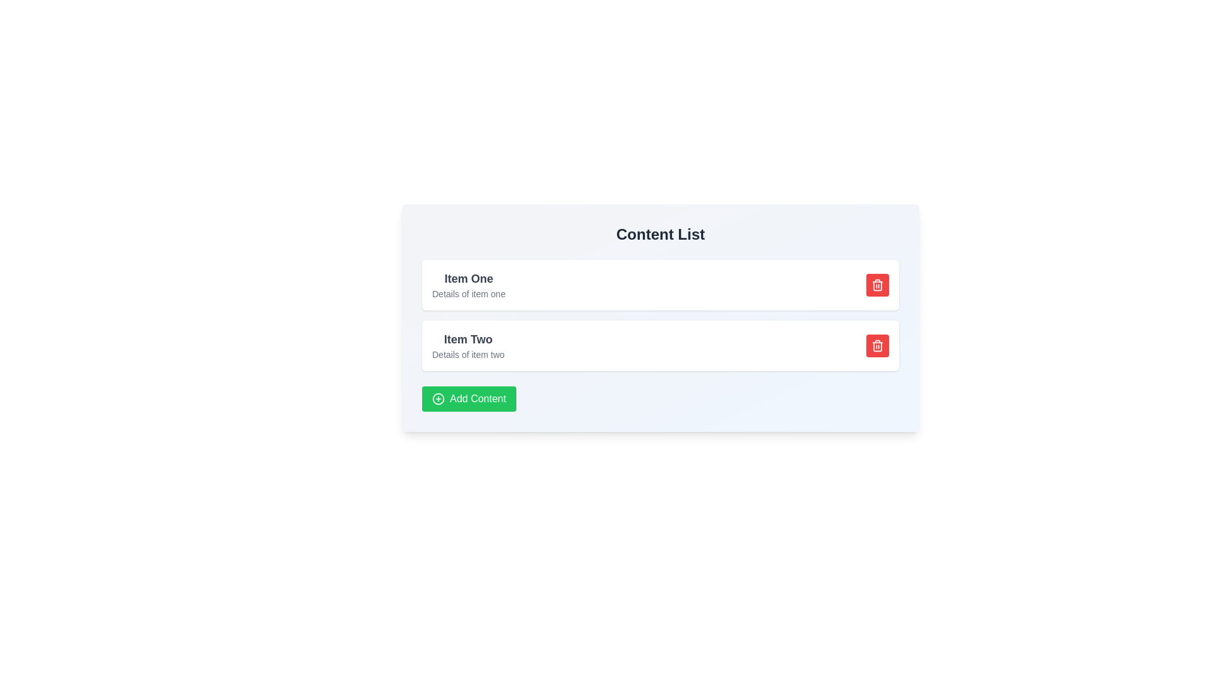 The height and width of the screenshot is (683, 1215). What do you see at coordinates (877, 285) in the screenshot?
I see `the red Icon button in the second row of the content list` at bounding box center [877, 285].